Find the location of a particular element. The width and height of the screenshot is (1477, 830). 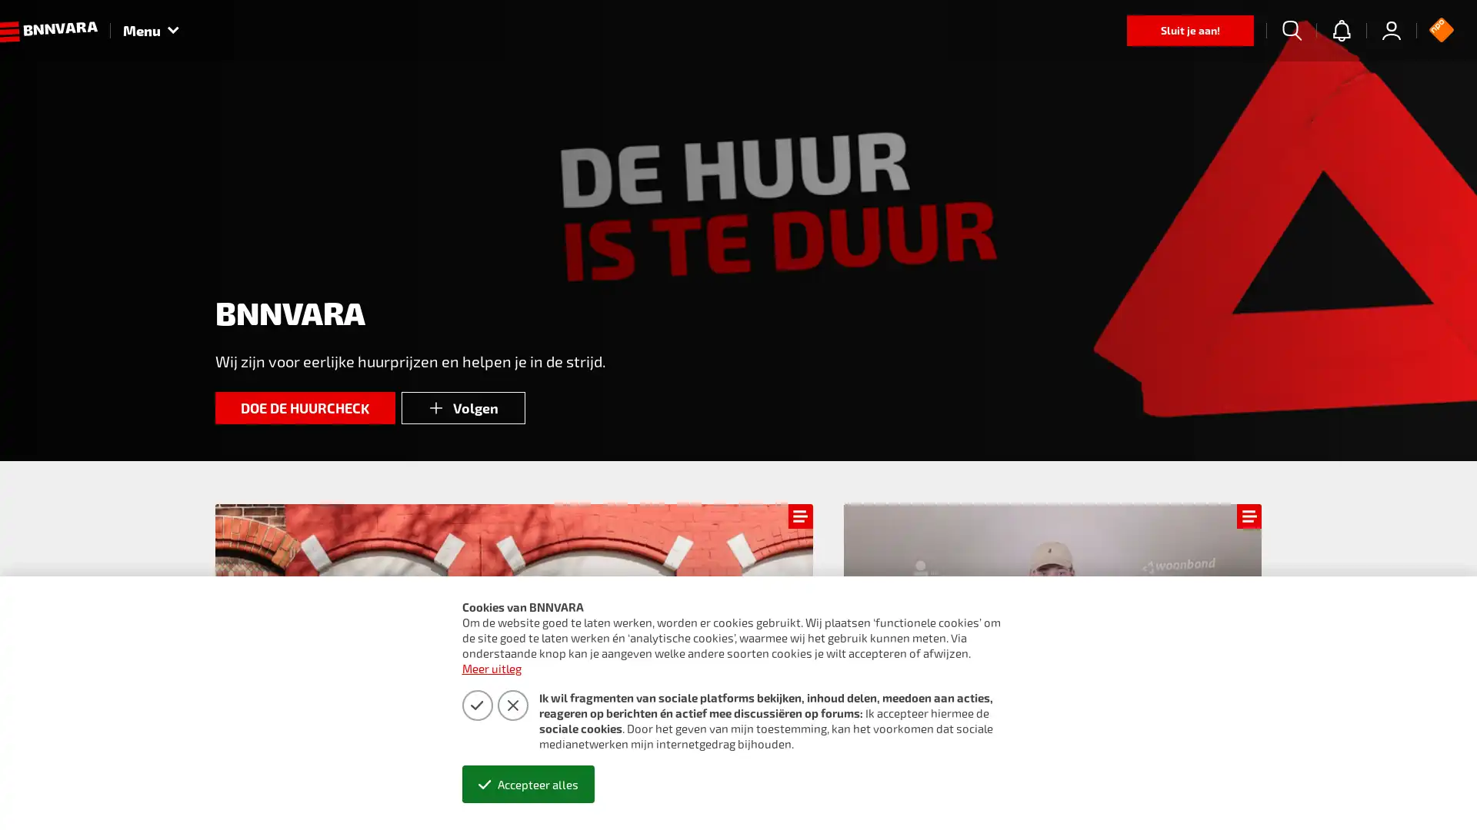

Dismiss Message is located at coordinates (1396, 771).